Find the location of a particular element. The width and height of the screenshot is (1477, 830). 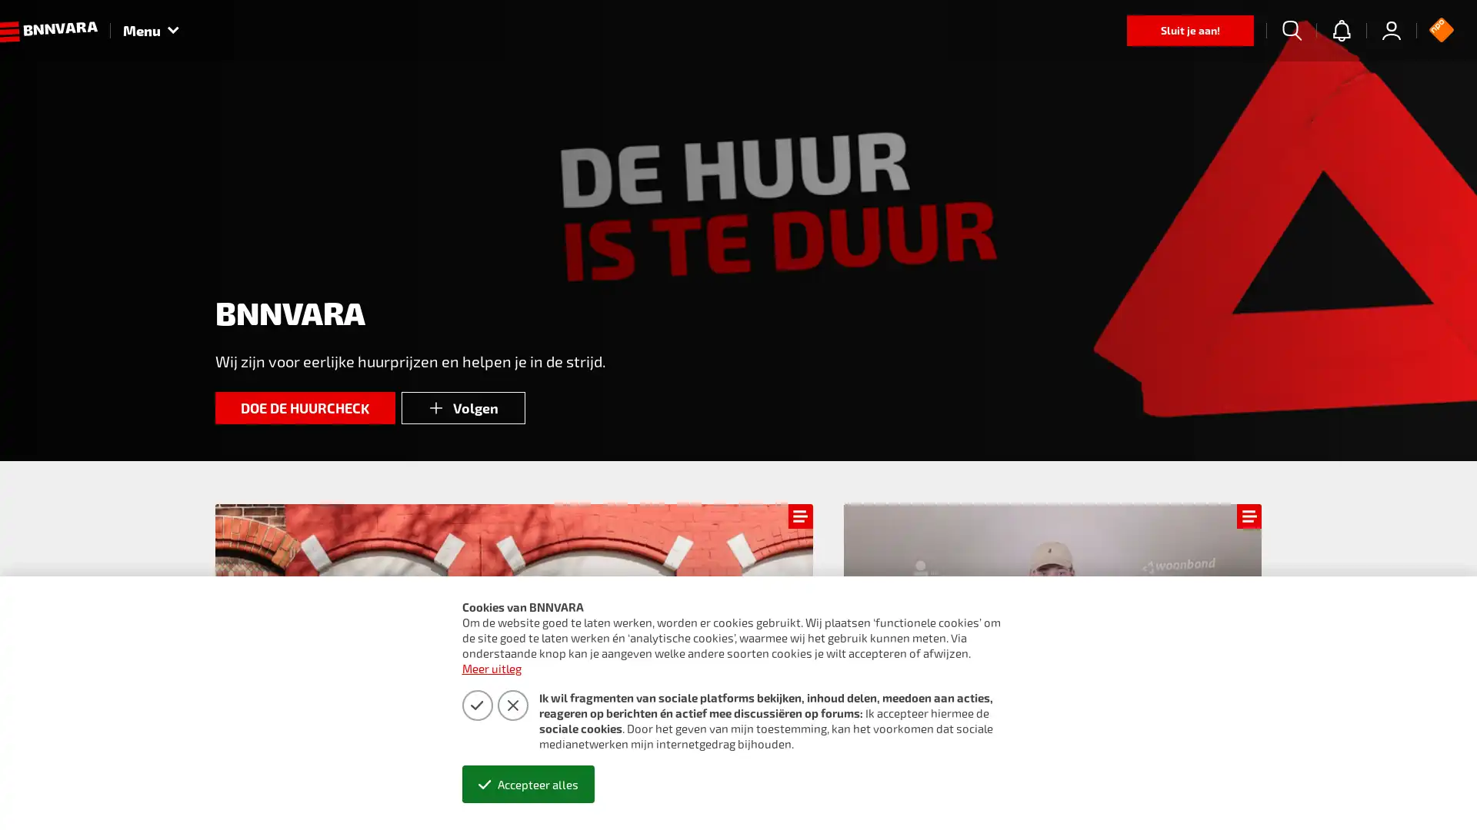

Dismiss Message is located at coordinates (1396, 771).